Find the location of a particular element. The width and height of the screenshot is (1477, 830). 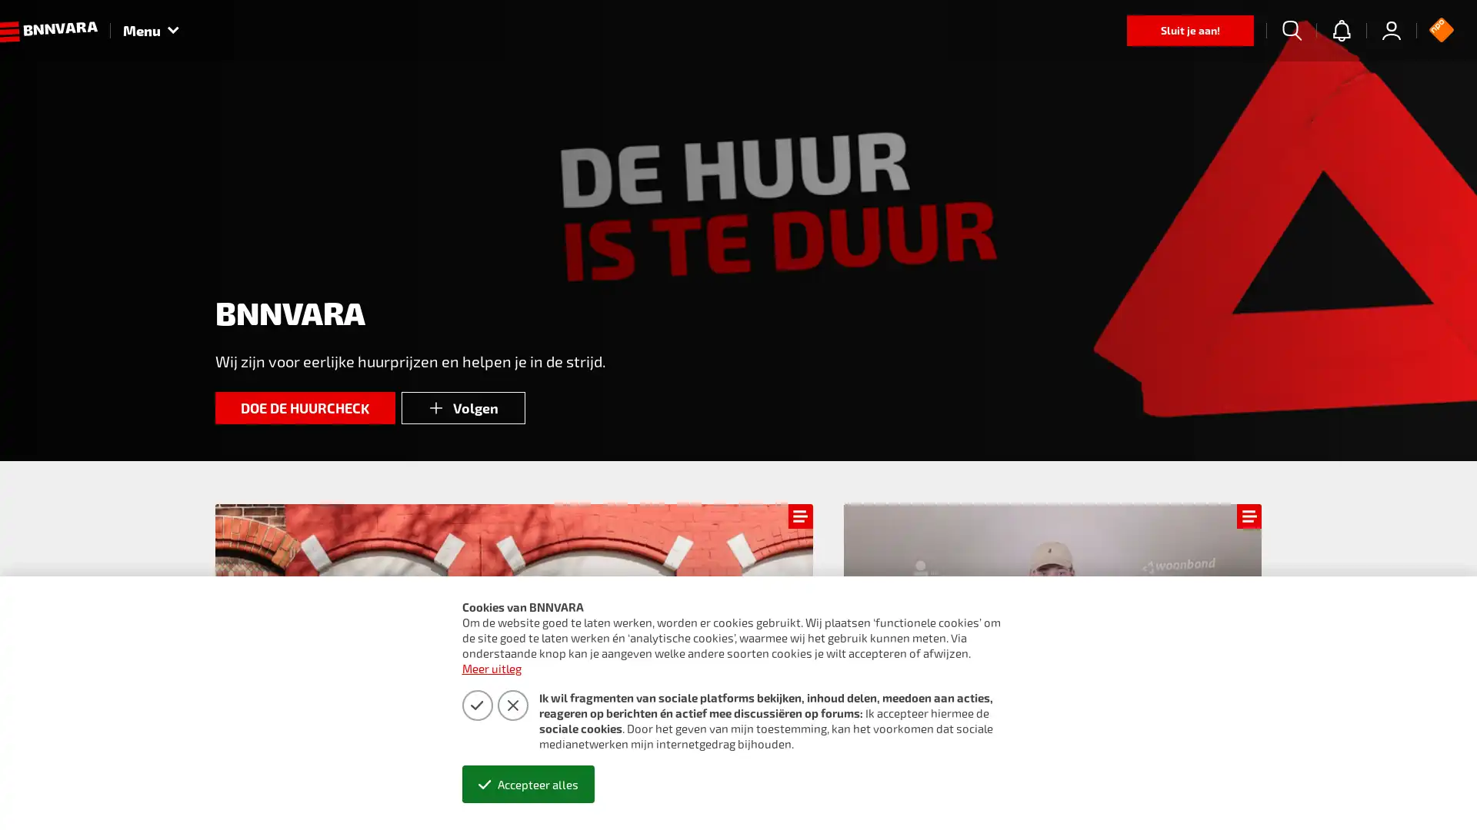

Dismiss Message is located at coordinates (1396, 771).